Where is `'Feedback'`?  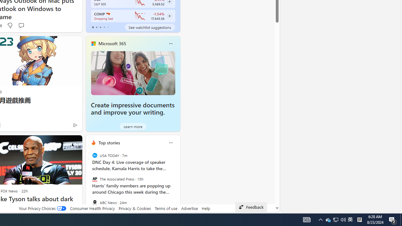 'Feedback' is located at coordinates (251, 207).